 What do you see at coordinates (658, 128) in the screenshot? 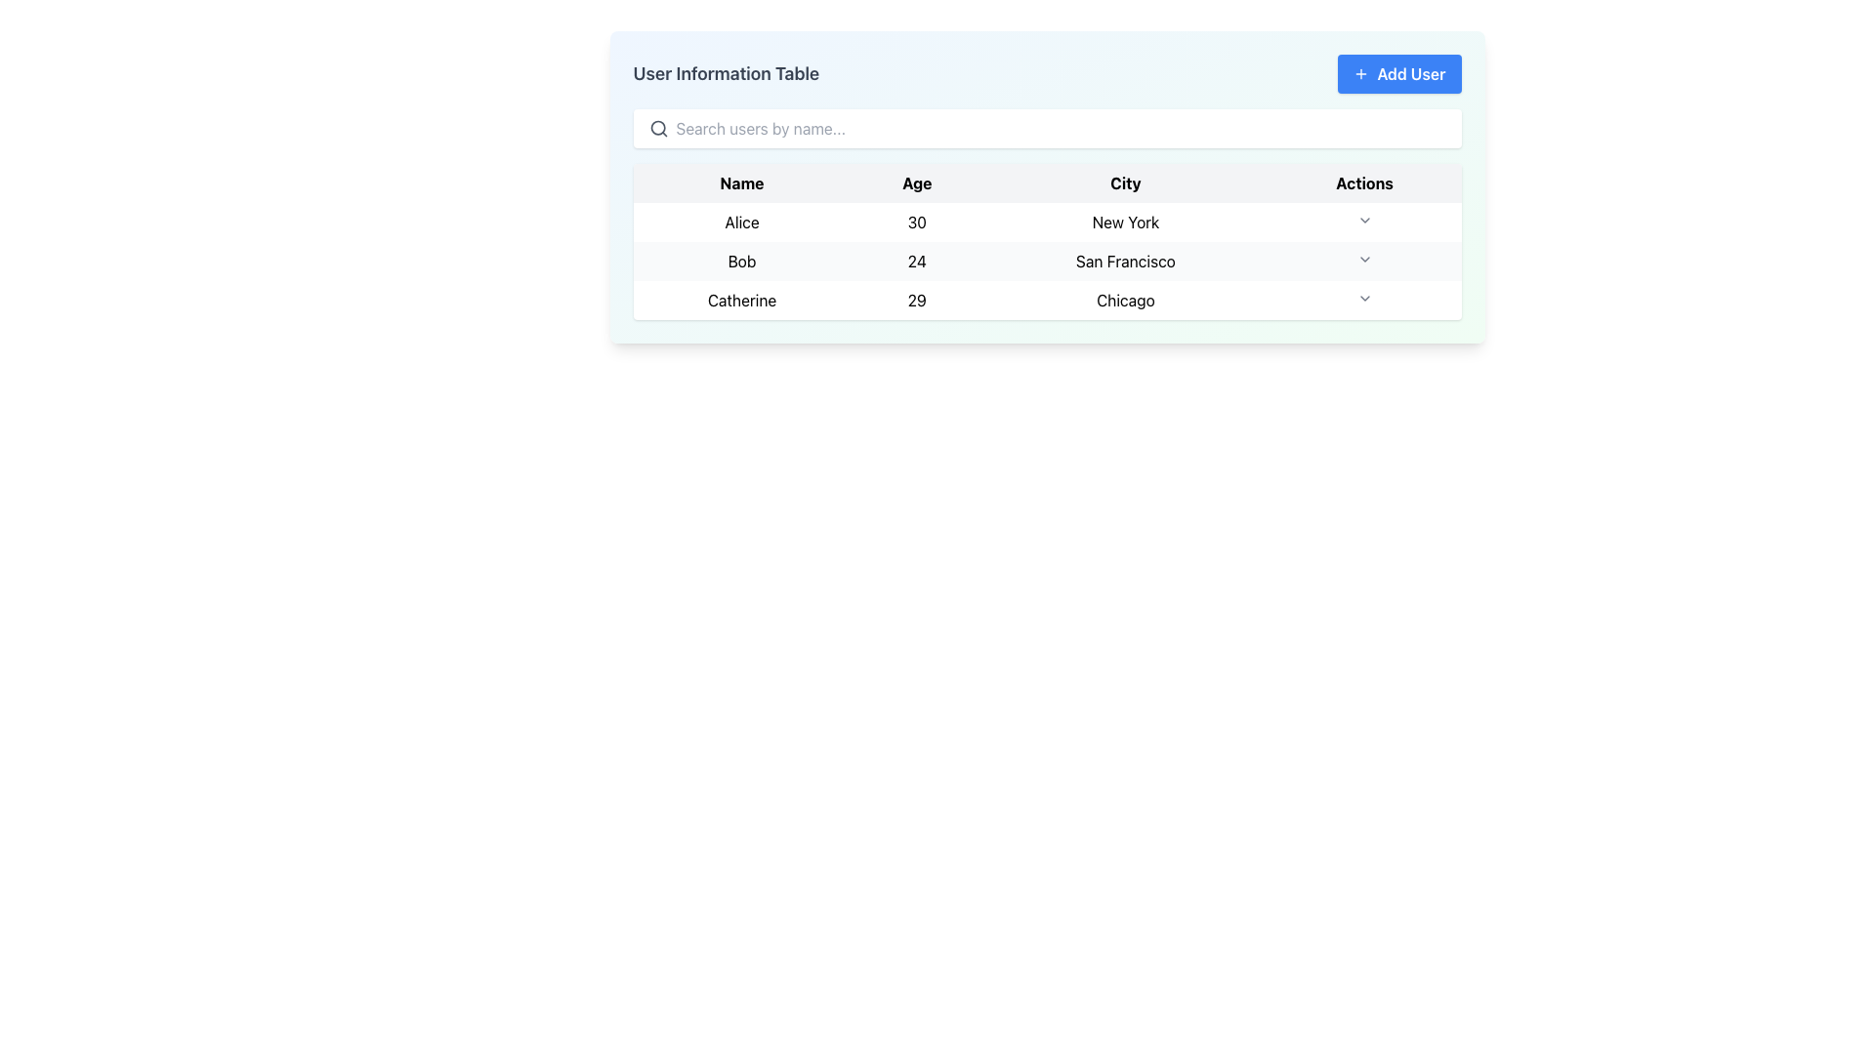
I see `the magnifying glass icon, which symbolizes search functionality, located at the left side of the search bar within a white rounded rectangle area` at bounding box center [658, 128].